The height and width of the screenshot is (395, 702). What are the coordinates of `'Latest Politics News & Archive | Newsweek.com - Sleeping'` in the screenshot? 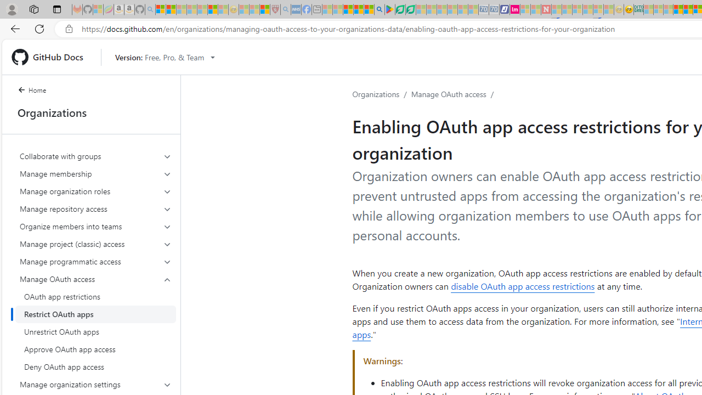 It's located at (546, 9).